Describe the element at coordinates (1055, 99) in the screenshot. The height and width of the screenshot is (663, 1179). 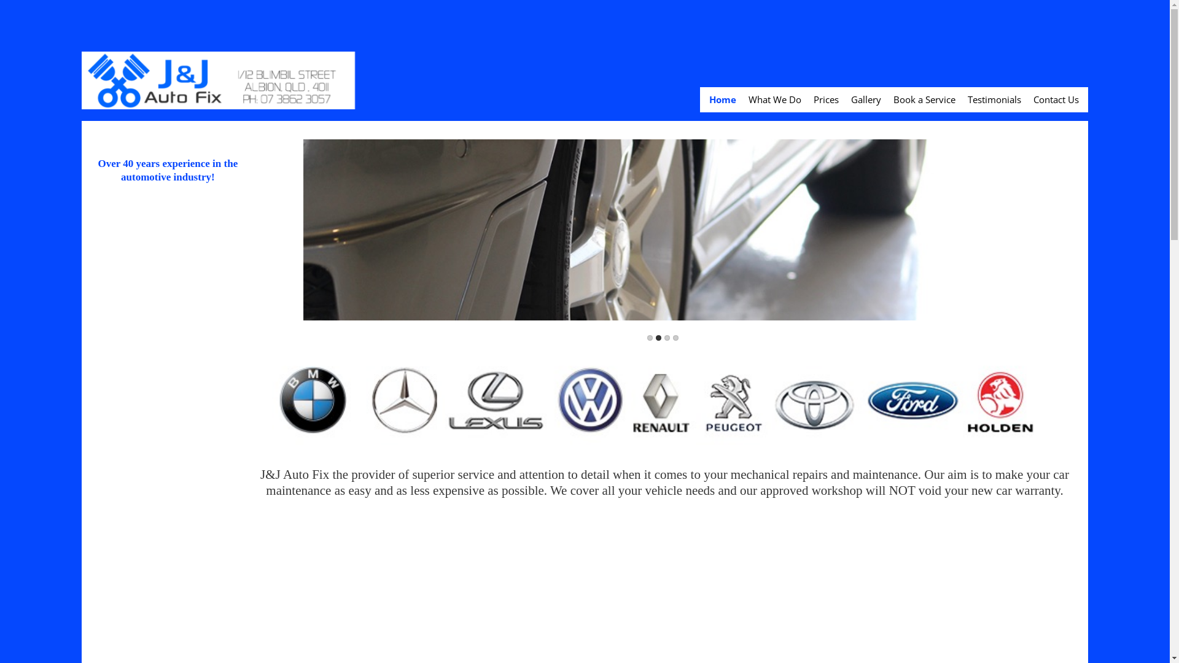
I see `'Contact Us'` at that location.